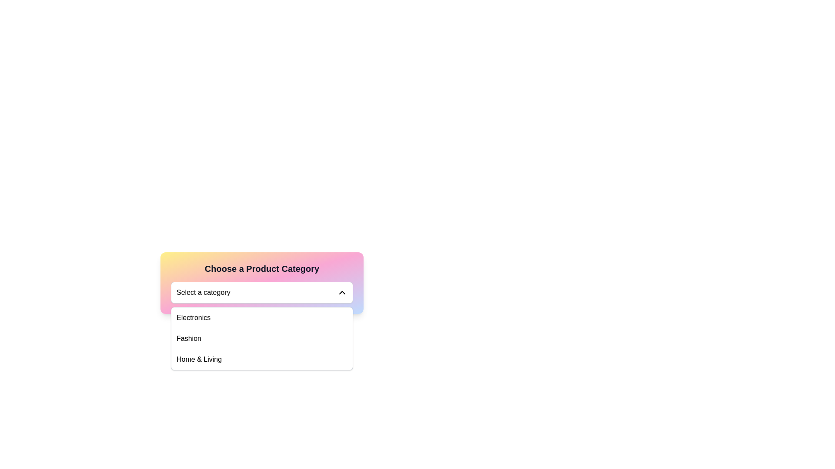 The image size is (835, 469). Describe the element at coordinates (261, 338) in the screenshot. I see `the dropdown menu` at that location.